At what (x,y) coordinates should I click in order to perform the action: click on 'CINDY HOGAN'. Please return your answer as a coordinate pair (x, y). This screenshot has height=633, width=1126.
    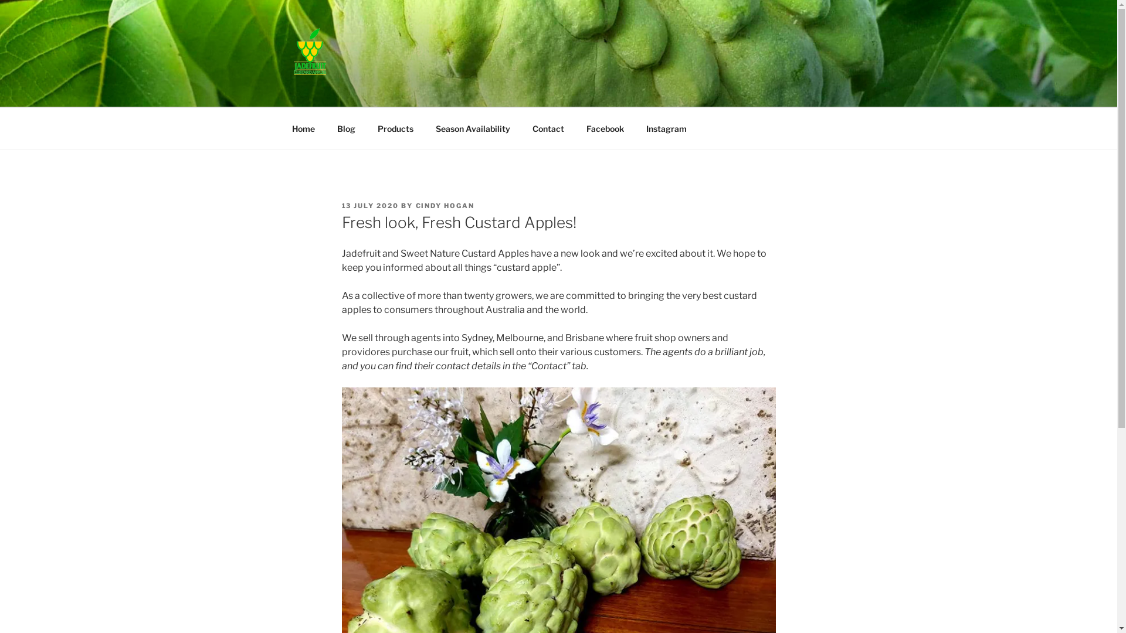
    Looking at the image, I should click on (444, 205).